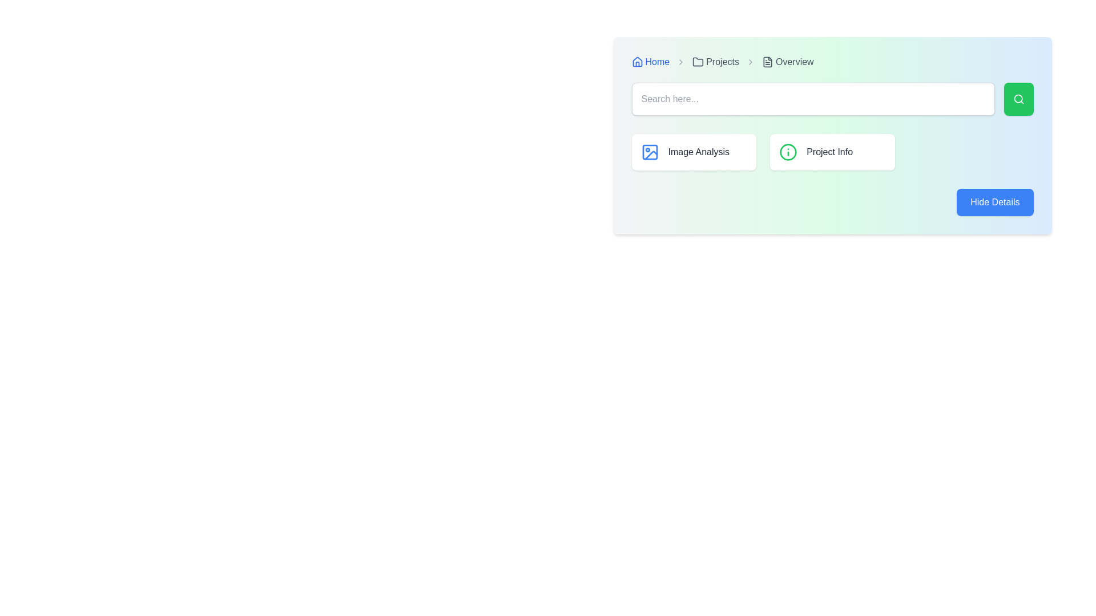  Describe the element at coordinates (1018, 98) in the screenshot. I see `the graphical icon within the green button located at the top-right corner of the interface` at that location.